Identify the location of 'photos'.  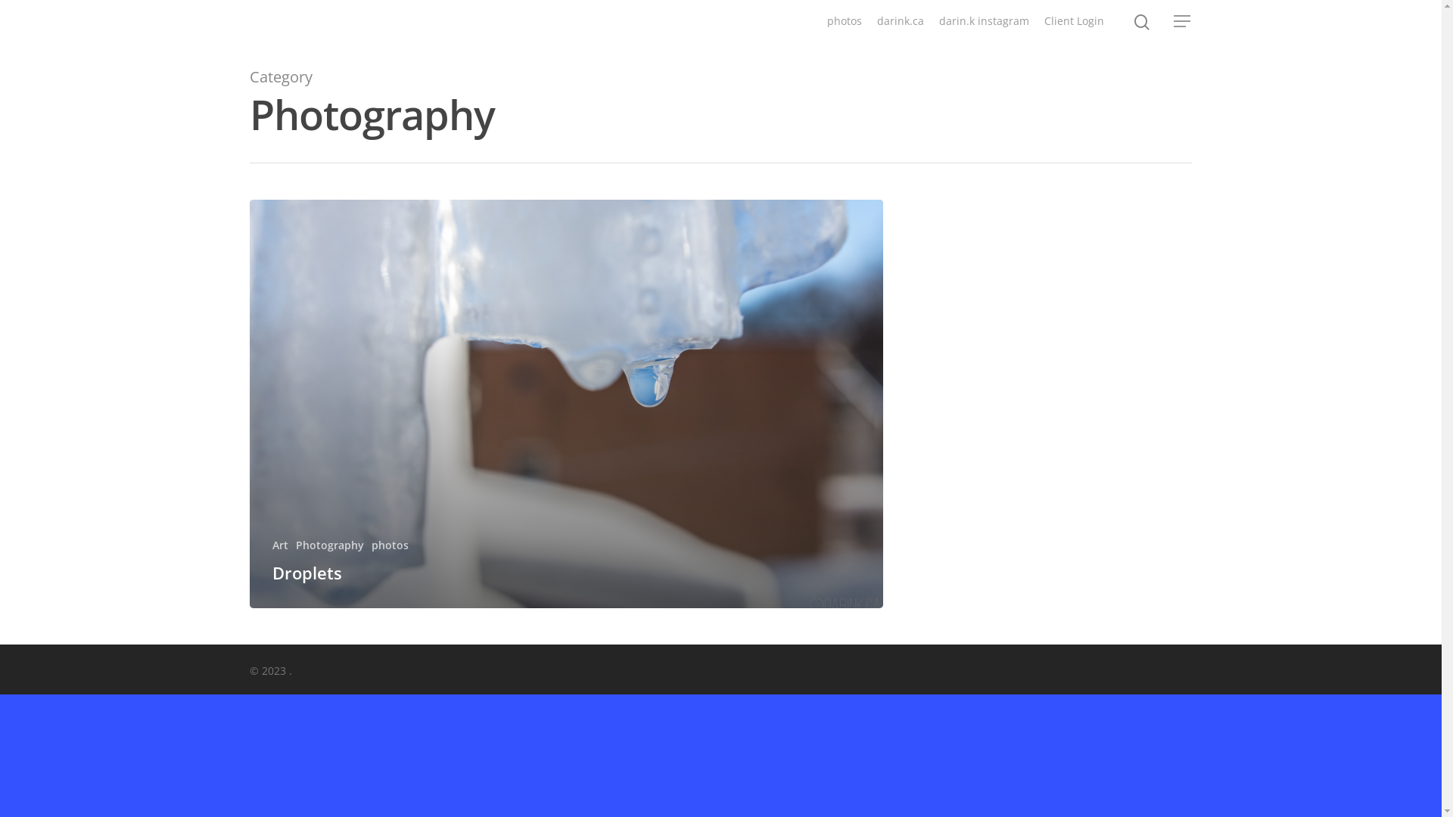
(390, 545).